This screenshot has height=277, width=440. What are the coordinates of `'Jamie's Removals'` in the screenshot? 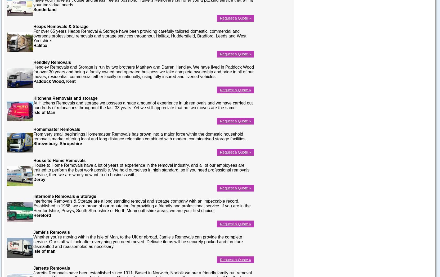 It's located at (51, 232).